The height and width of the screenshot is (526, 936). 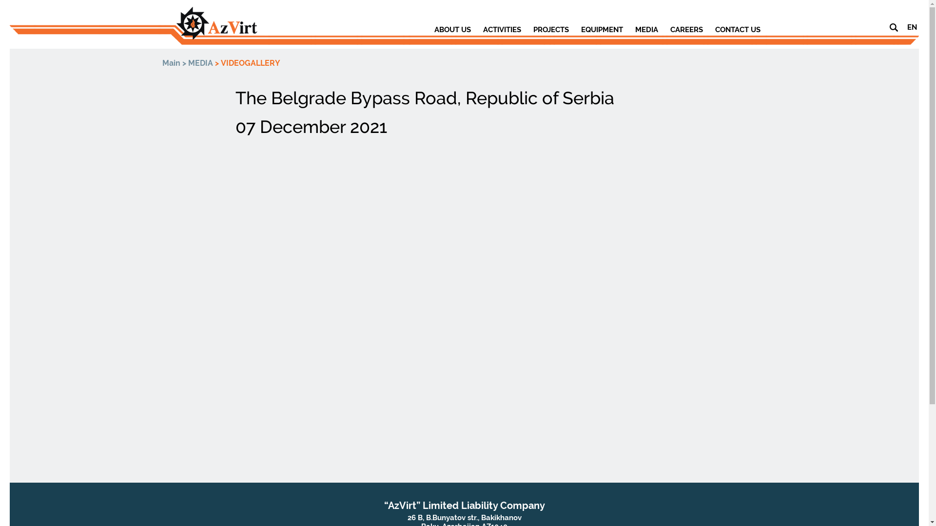 What do you see at coordinates (551, 29) in the screenshot?
I see `'PROJECTS'` at bounding box center [551, 29].